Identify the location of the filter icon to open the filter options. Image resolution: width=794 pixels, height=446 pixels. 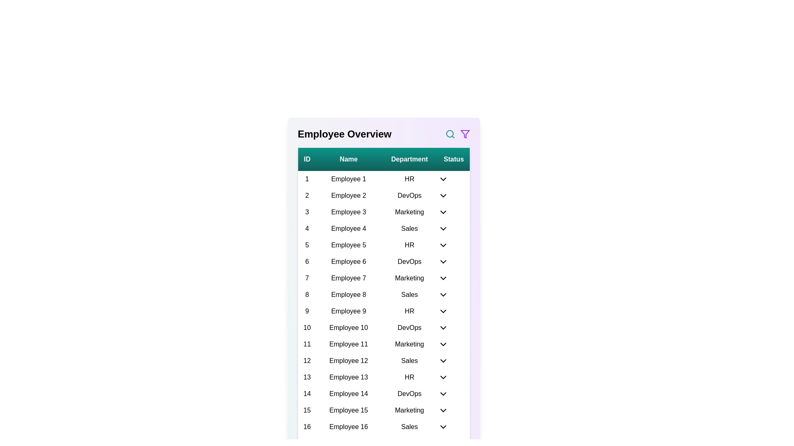
(465, 133).